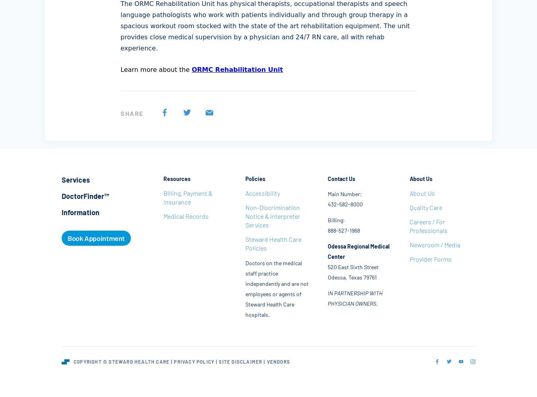  Describe the element at coordinates (255, 178) in the screenshot. I see `'Policies'` at that location.